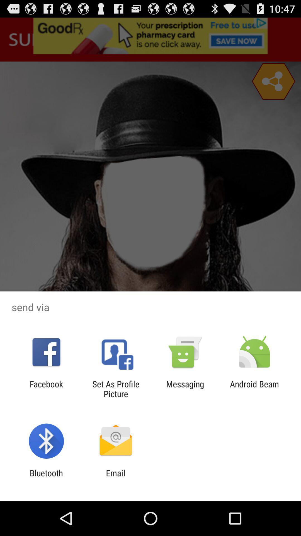 The width and height of the screenshot is (301, 536). What do you see at coordinates (115, 389) in the screenshot?
I see `set as profile` at bounding box center [115, 389].